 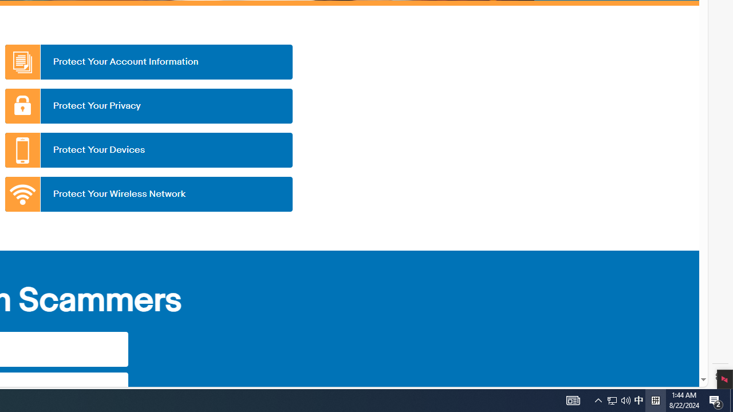 I want to click on 'Protect Your Account Information', so click(x=148, y=62).